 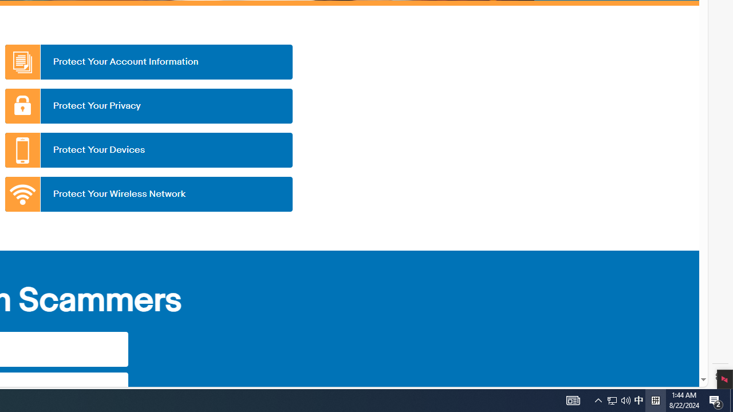 I want to click on 'Protect Your Account Information', so click(x=148, y=62).